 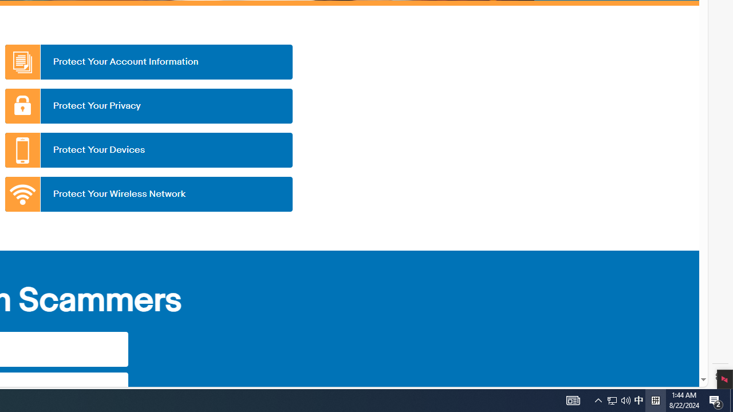 I want to click on 'Protect Your Account Information', so click(x=148, y=62).